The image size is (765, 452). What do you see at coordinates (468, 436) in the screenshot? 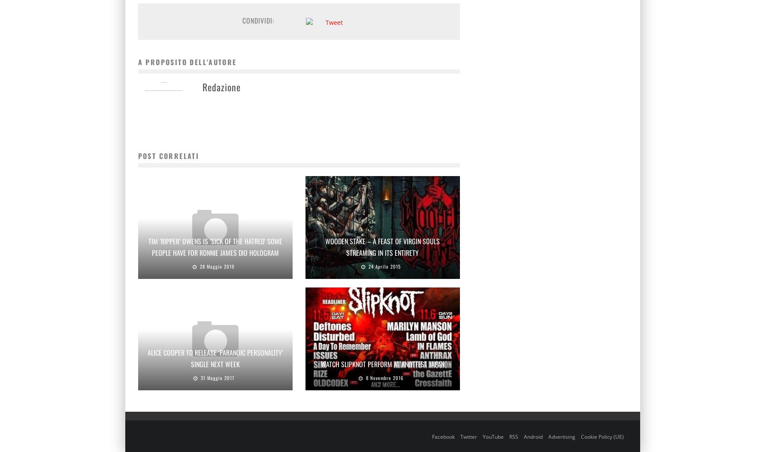
I see `'Twitter'` at bounding box center [468, 436].